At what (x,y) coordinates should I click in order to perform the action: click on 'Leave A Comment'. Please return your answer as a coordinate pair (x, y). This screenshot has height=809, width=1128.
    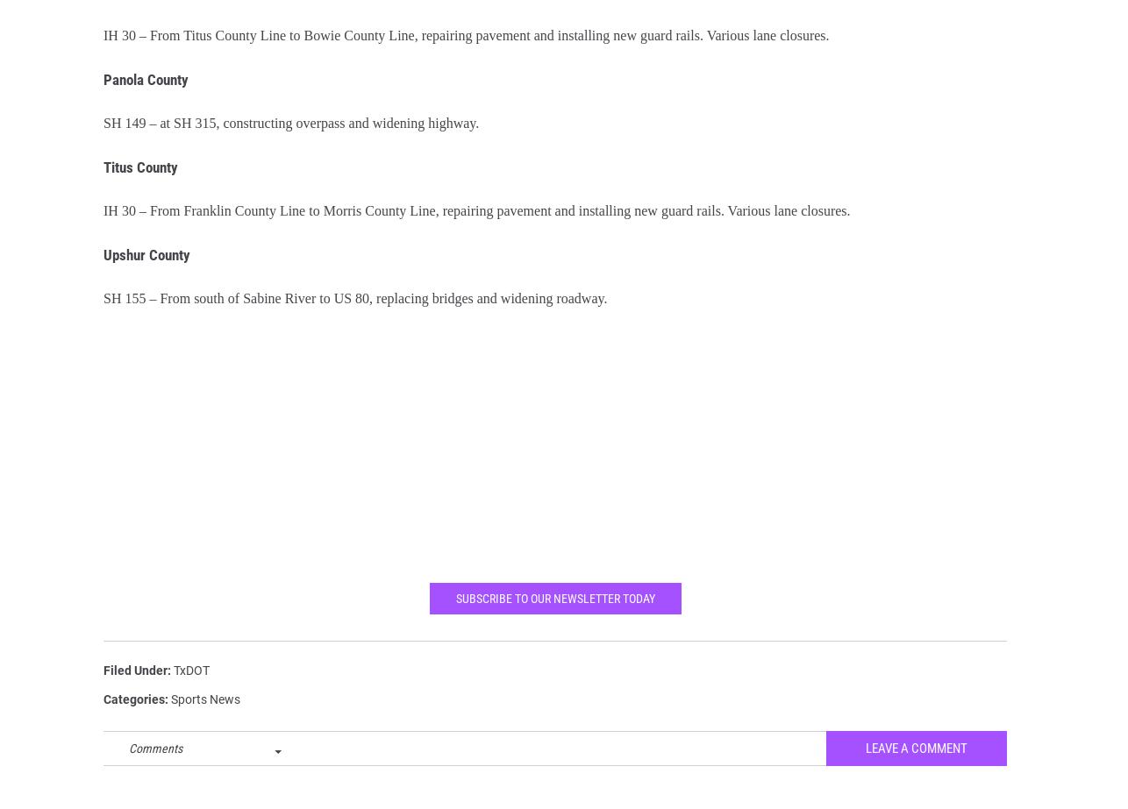
    Looking at the image, I should click on (916, 759).